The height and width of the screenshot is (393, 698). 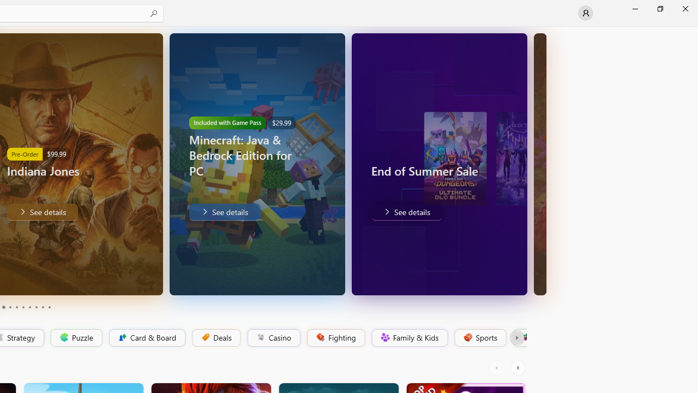 I want to click on 'Page 9', so click(x=43, y=307).